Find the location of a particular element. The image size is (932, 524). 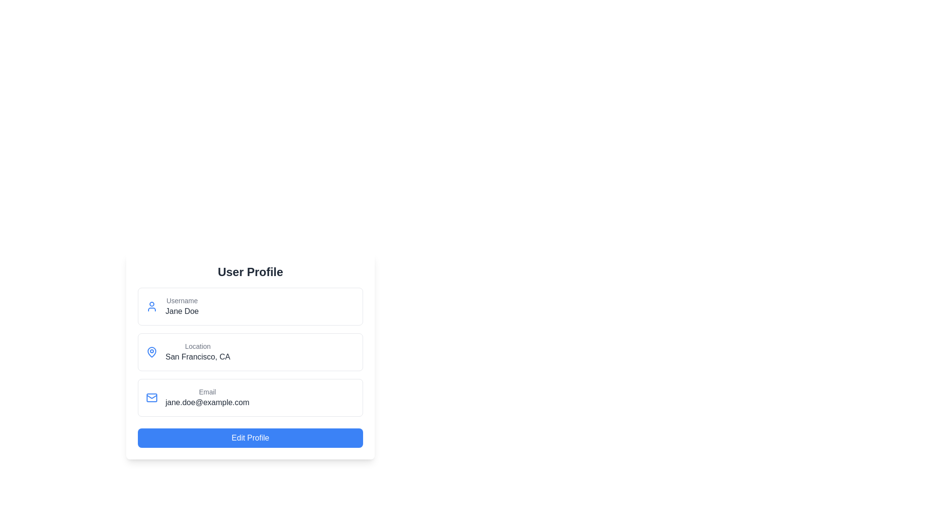

the text block displaying 'San Francisco, CA' located in the user profile layout, which is the second information field below the 'Username: Jane Doe' and above the 'Email: jane.doe@example.com' is located at coordinates (197, 352).